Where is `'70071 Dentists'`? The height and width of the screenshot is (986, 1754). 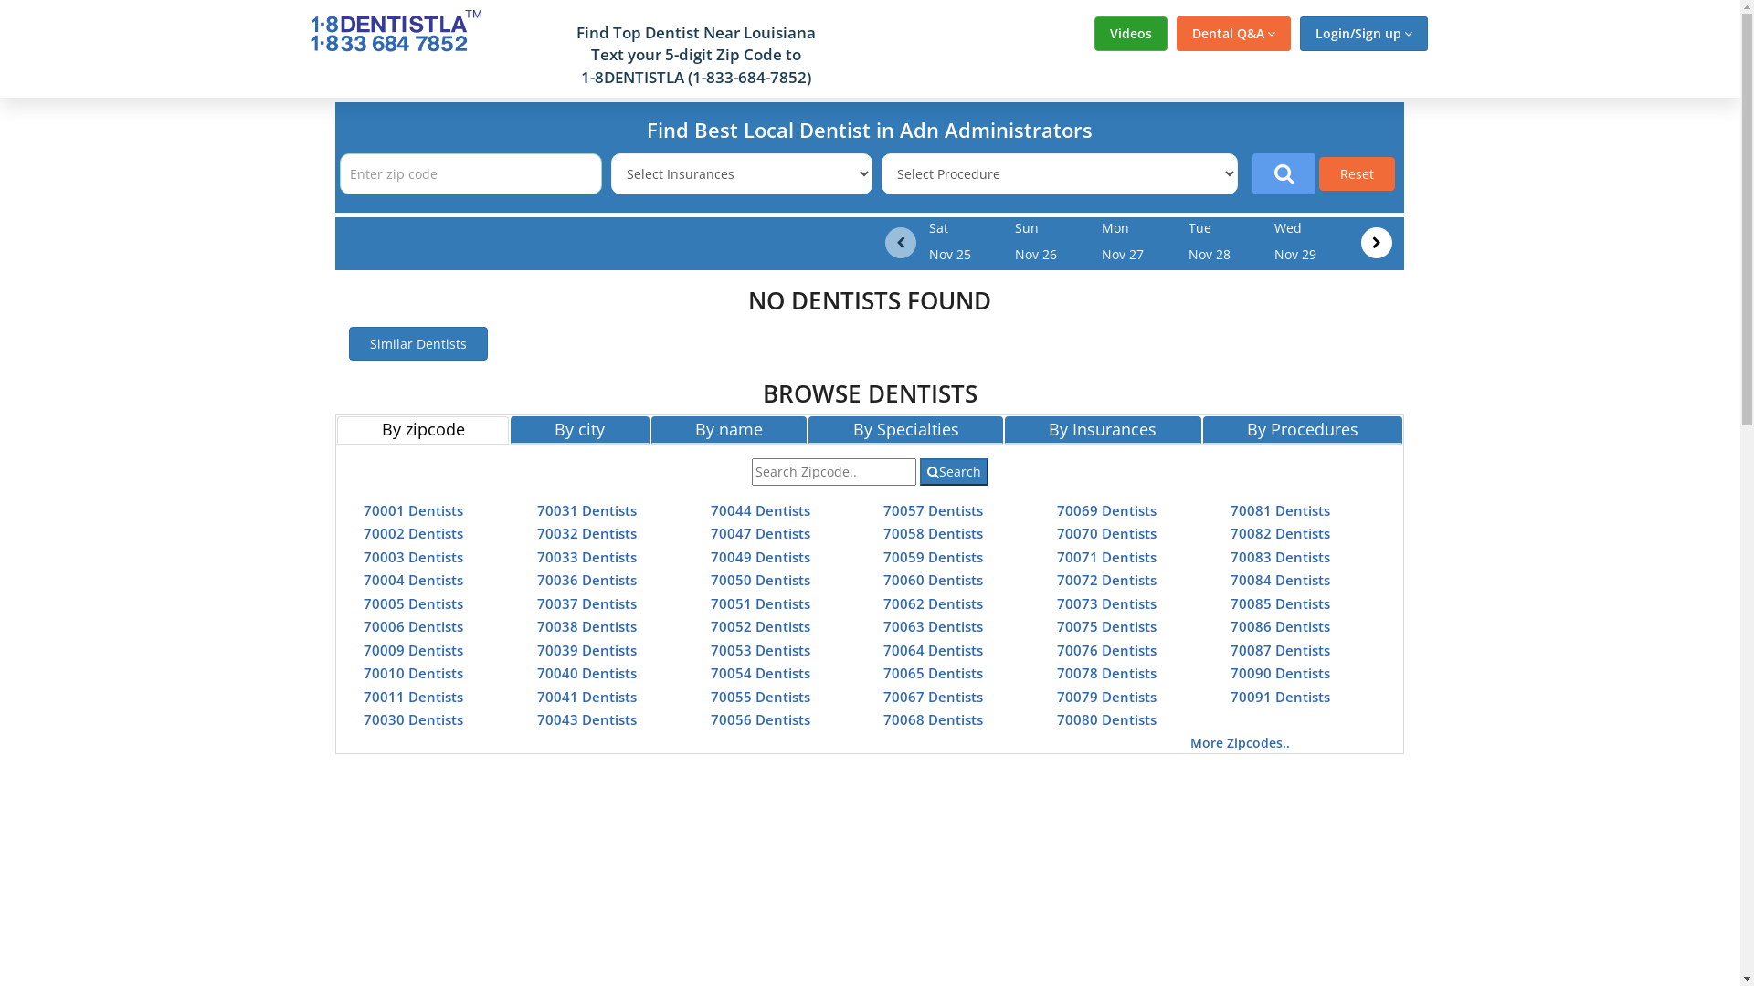
'70071 Dentists' is located at coordinates (1105, 555).